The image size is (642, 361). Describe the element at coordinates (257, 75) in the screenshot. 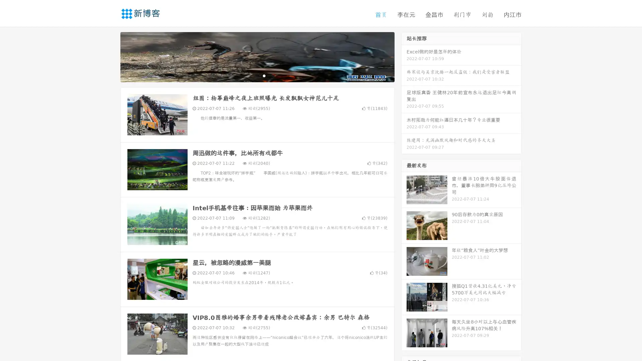

I see `Go to slide 2` at that location.